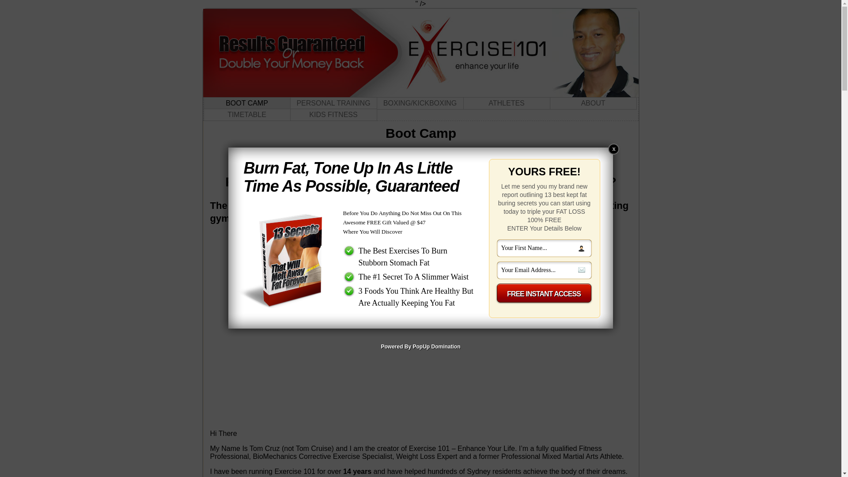 The image size is (848, 477). What do you see at coordinates (333, 103) in the screenshot?
I see `'PERSONAL TRAINING'` at bounding box center [333, 103].